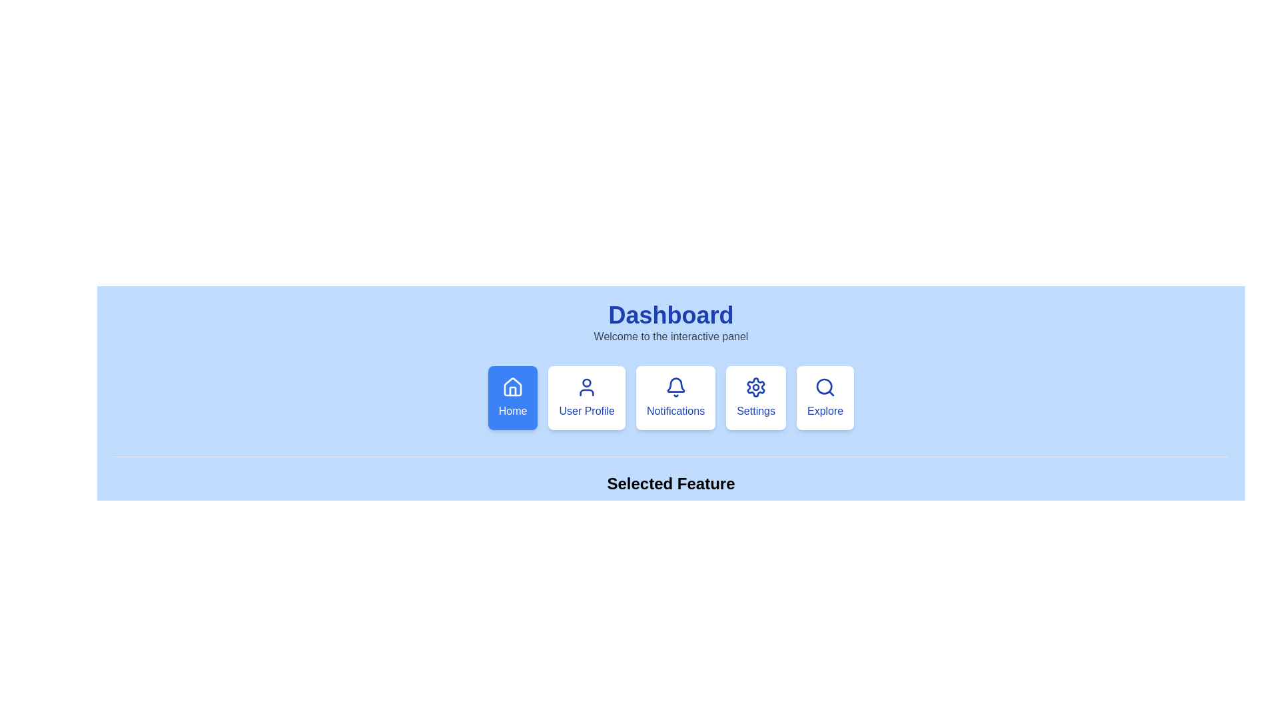  Describe the element at coordinates (756, 387) in the screenshot. I see `the gear-shaped icon with a blue outline located in the fourth box from the left in the second row of the interface, below the 'Dashboard' heading` at that location.